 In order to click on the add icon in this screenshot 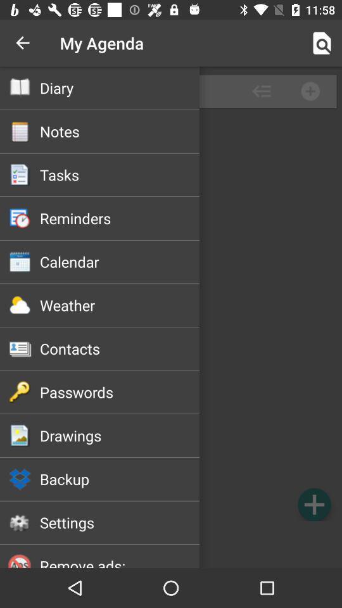, I will do `click(313, 504)`.